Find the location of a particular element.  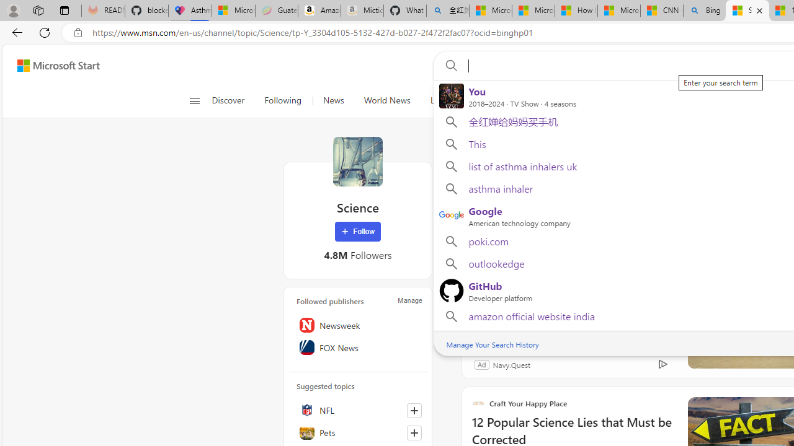

'How I Got Rid of Microsoft Edge' is located at coordinates (575, 11).